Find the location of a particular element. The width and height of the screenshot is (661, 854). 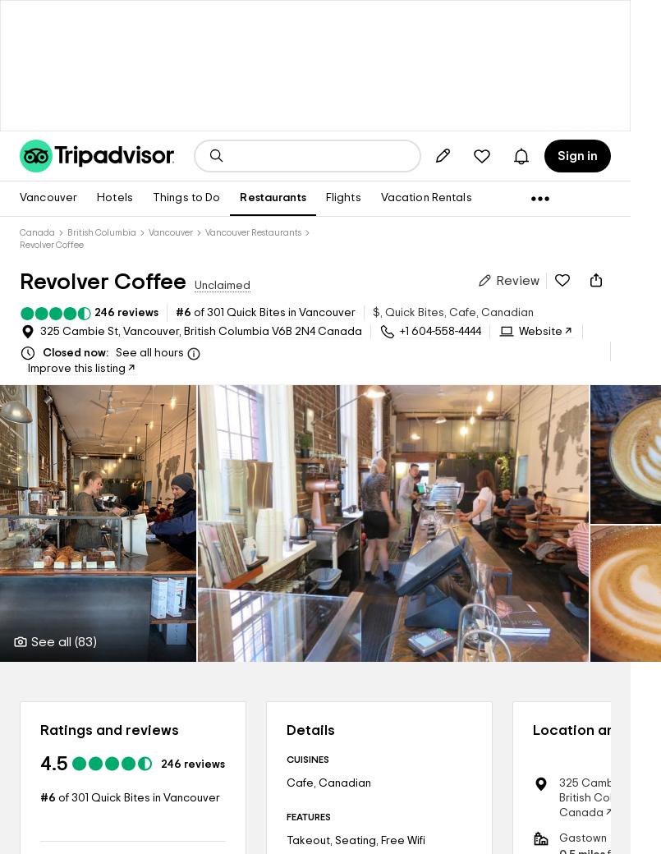

'Restaurants' is located at coordinates (271, 197).